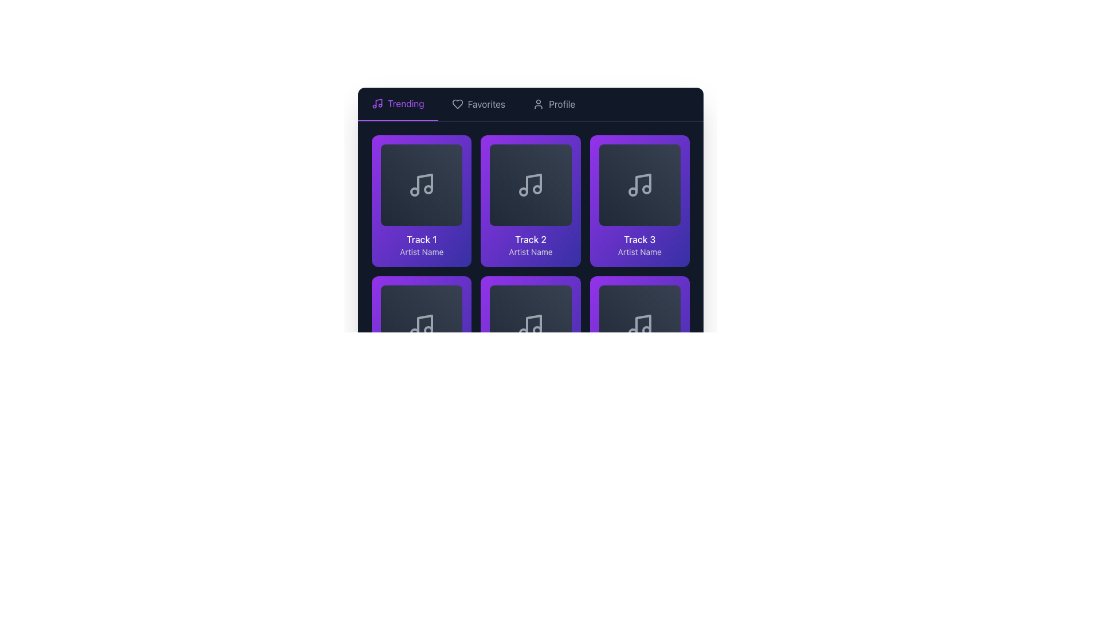 The width and height of the screenshot is (1100, 619). I want to click on the 'Artist Name' text label located below the title 'Track 1' in the 'Trending' tab of the card, so click(421, 252).